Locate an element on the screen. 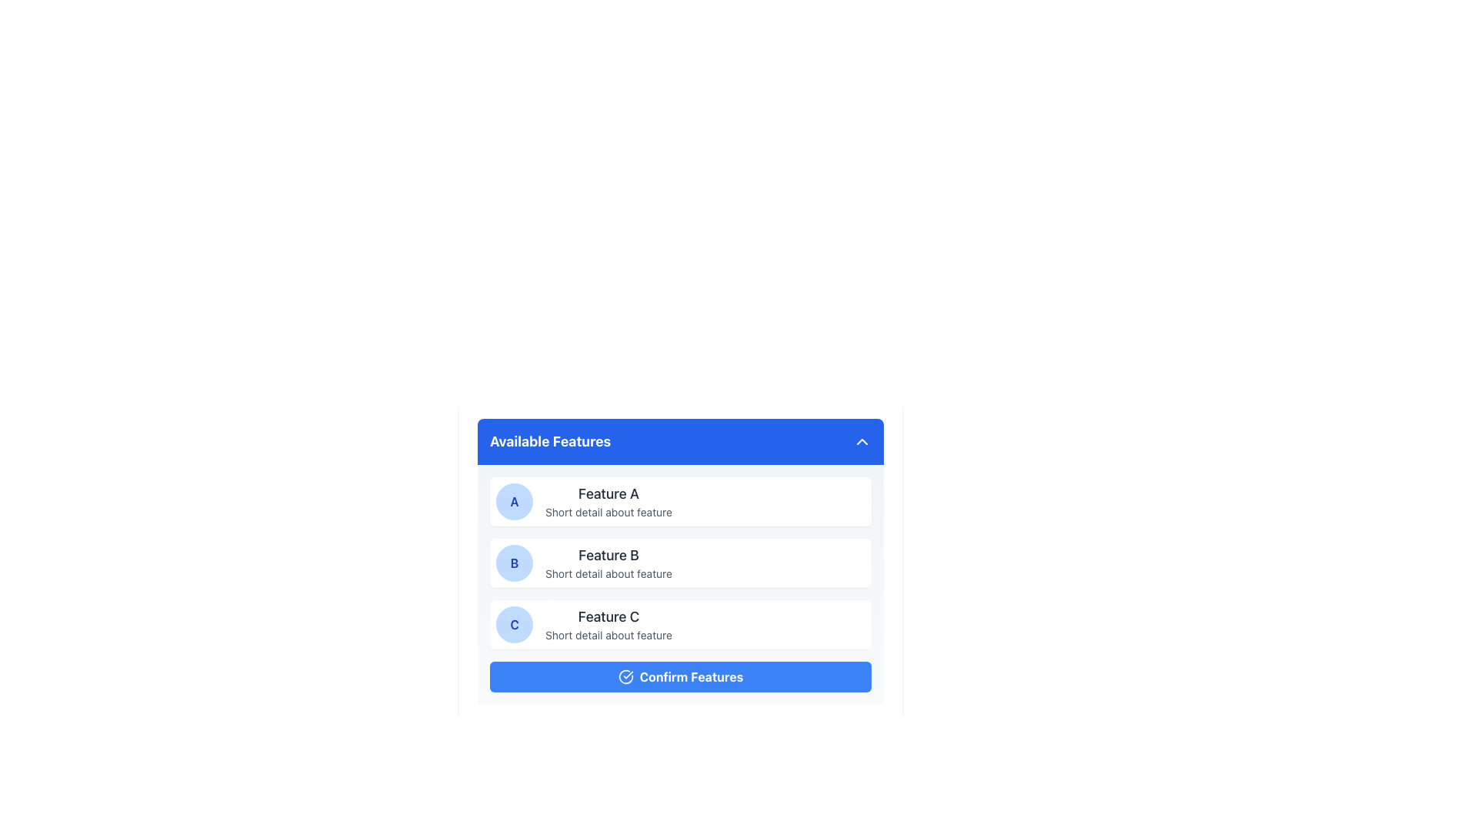 The height and width of the screenshot is (830, 1477). the circular icon with a blue background and the character 'A' in bold blue text, which is positioned to the far left of the list item labeled 'Feature A' is located at coordinates (514, 501).